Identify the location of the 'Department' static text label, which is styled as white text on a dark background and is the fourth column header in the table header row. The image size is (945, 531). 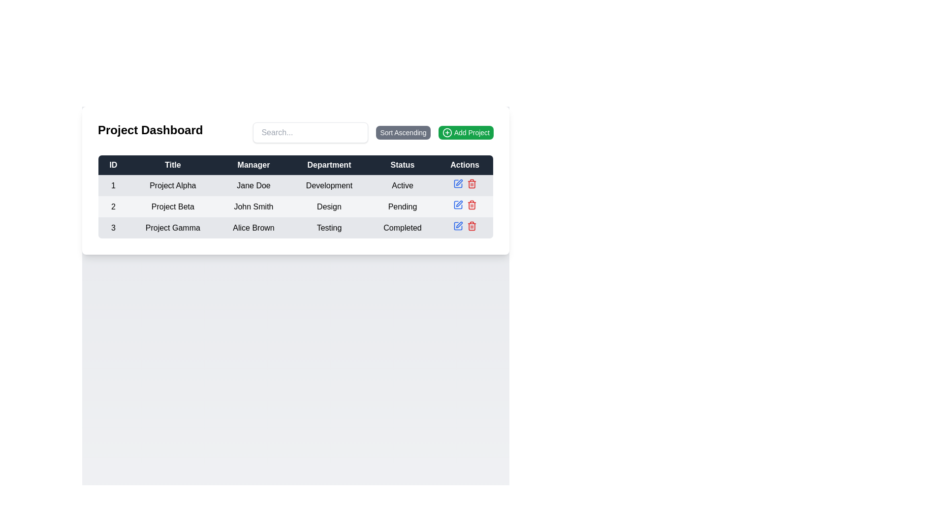
(329, 164).